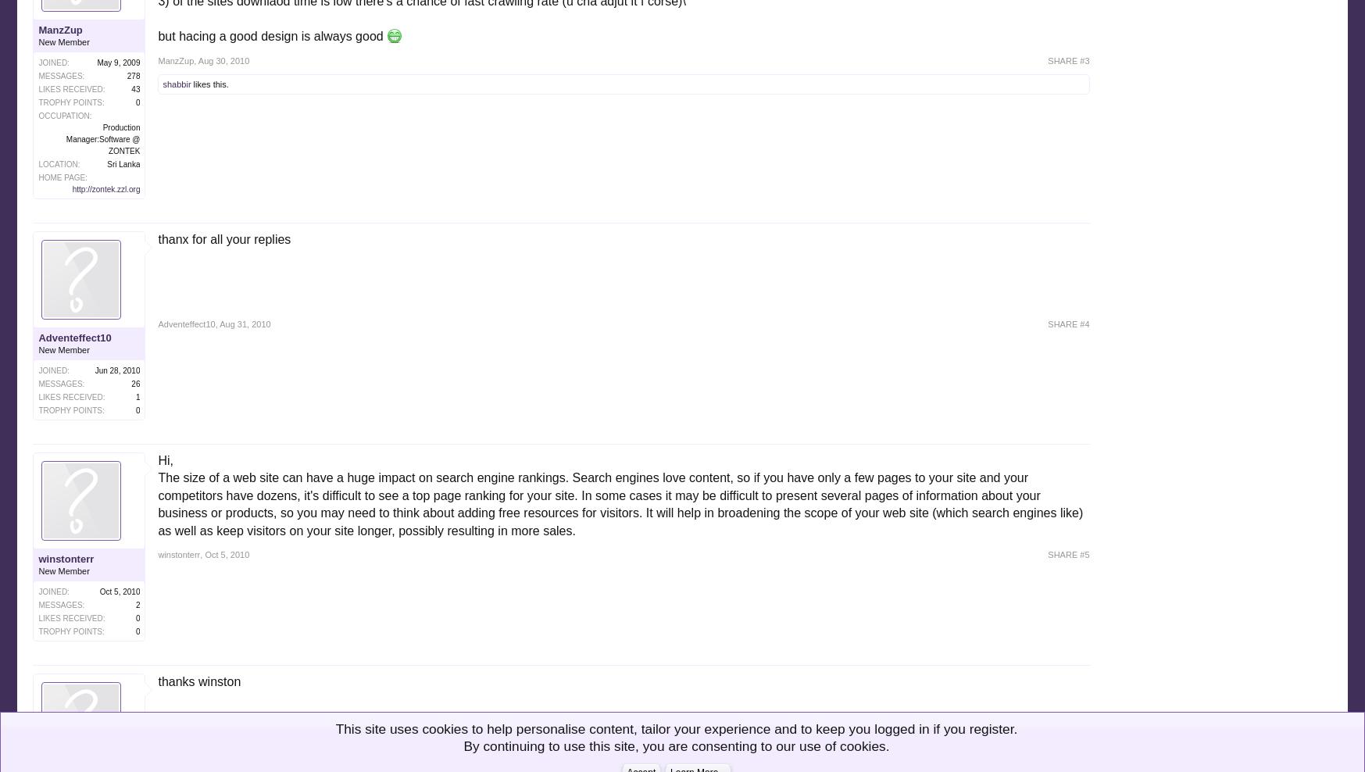  What do you see at coordinates (1068, 553) in the screenshot?
I see `'SHARE #5'` at bounding box center [1068, 553].